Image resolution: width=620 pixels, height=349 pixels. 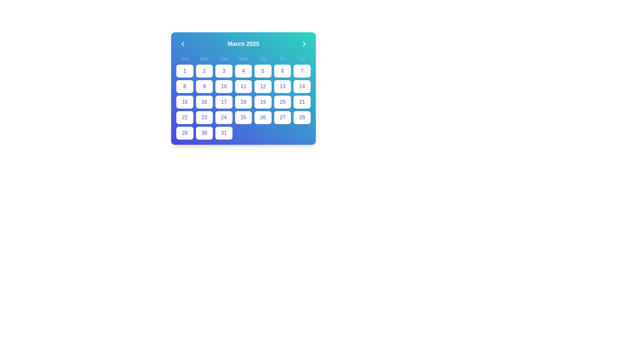 I want to click on the fourth weekday label indicating 'Wed' in the calendar, which is centered above the corresponding column of dates, so click(x=243, y=58).